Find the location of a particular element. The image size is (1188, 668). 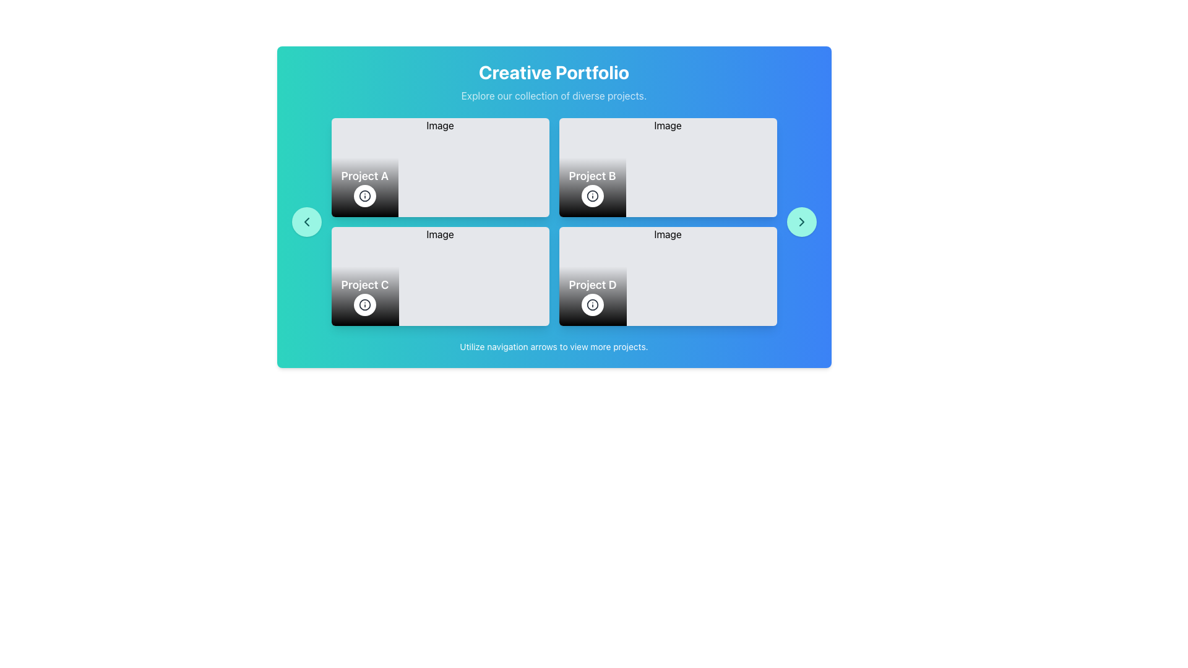

the information icon located at the bottom-right of the 'Project D' card is located at coordinates (592, 305).